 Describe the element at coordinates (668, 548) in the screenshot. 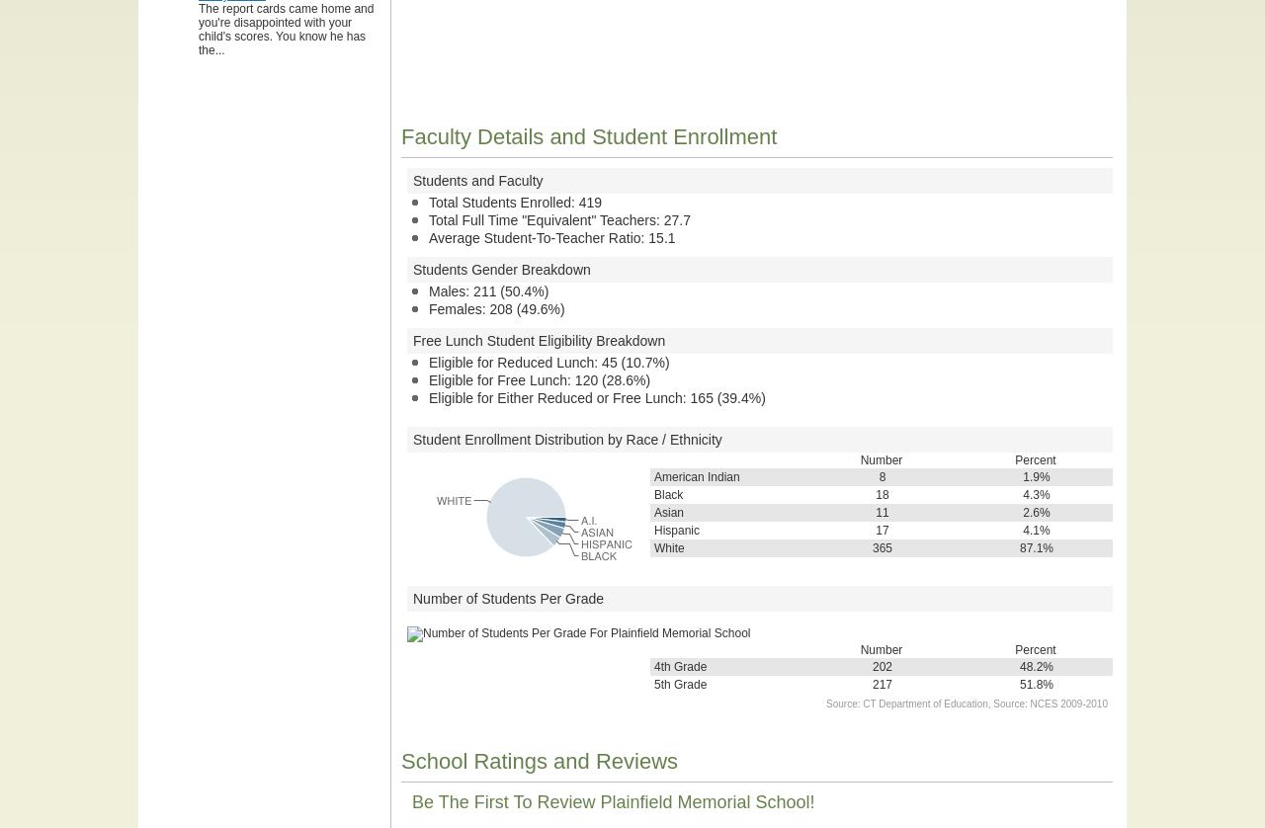

I see `'White'` at that location.